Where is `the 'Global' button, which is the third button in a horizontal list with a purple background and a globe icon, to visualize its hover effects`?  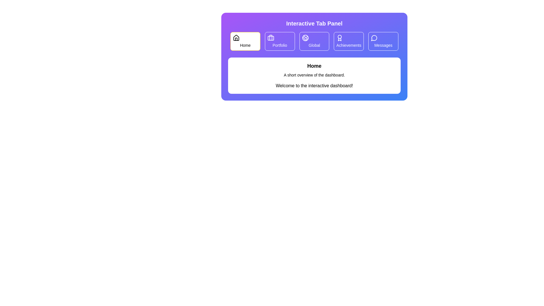 the 'Global' button, which is the third button in a horizontal list with a purple background and a globe icon, to visualize its hover effects is located at coordinates (314, 41).